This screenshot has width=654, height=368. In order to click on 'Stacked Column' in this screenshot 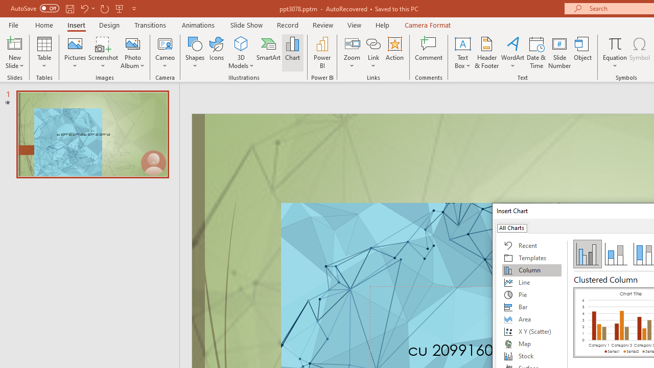, I will do `click(615, 253)`.